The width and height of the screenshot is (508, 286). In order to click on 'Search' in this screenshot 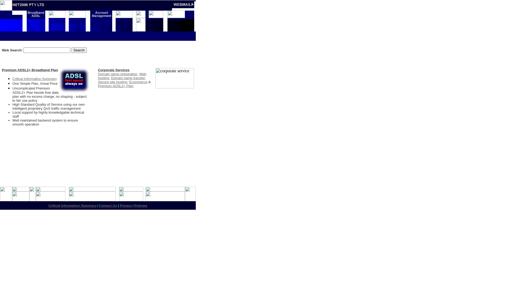, I will do `click(71, 50)`.